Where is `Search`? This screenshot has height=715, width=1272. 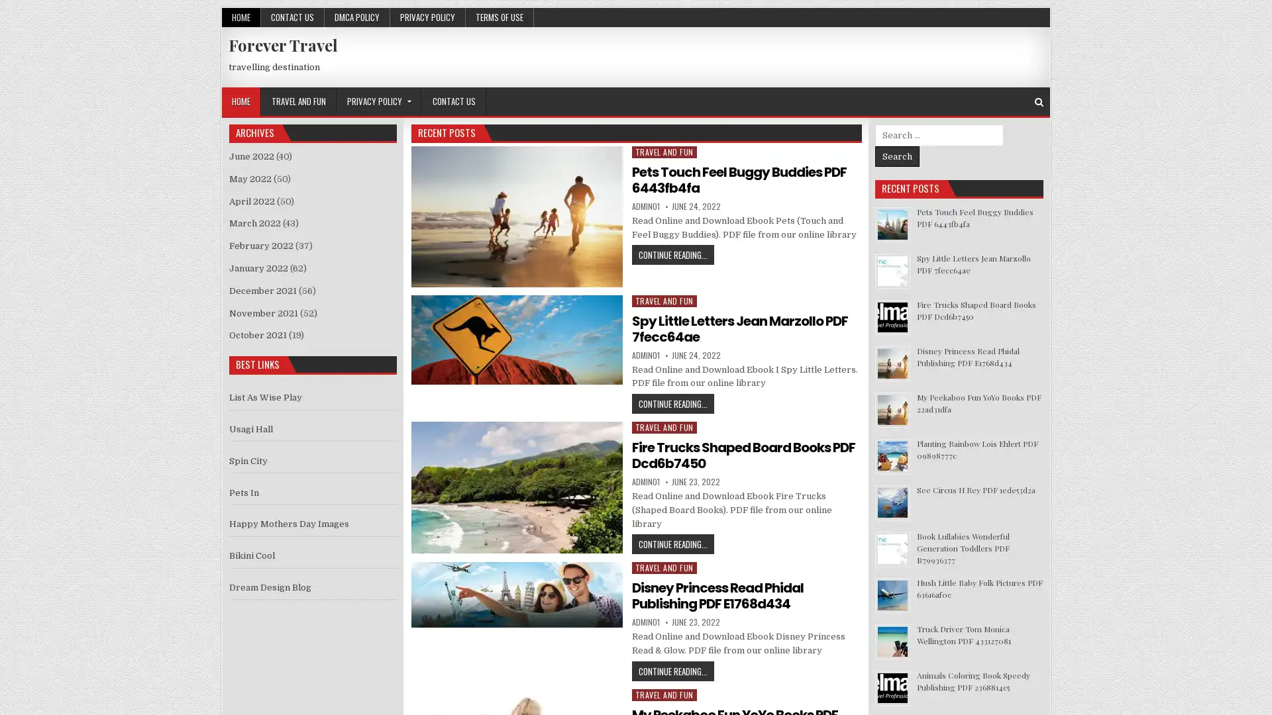 Search is located at coordinates (897, 156).